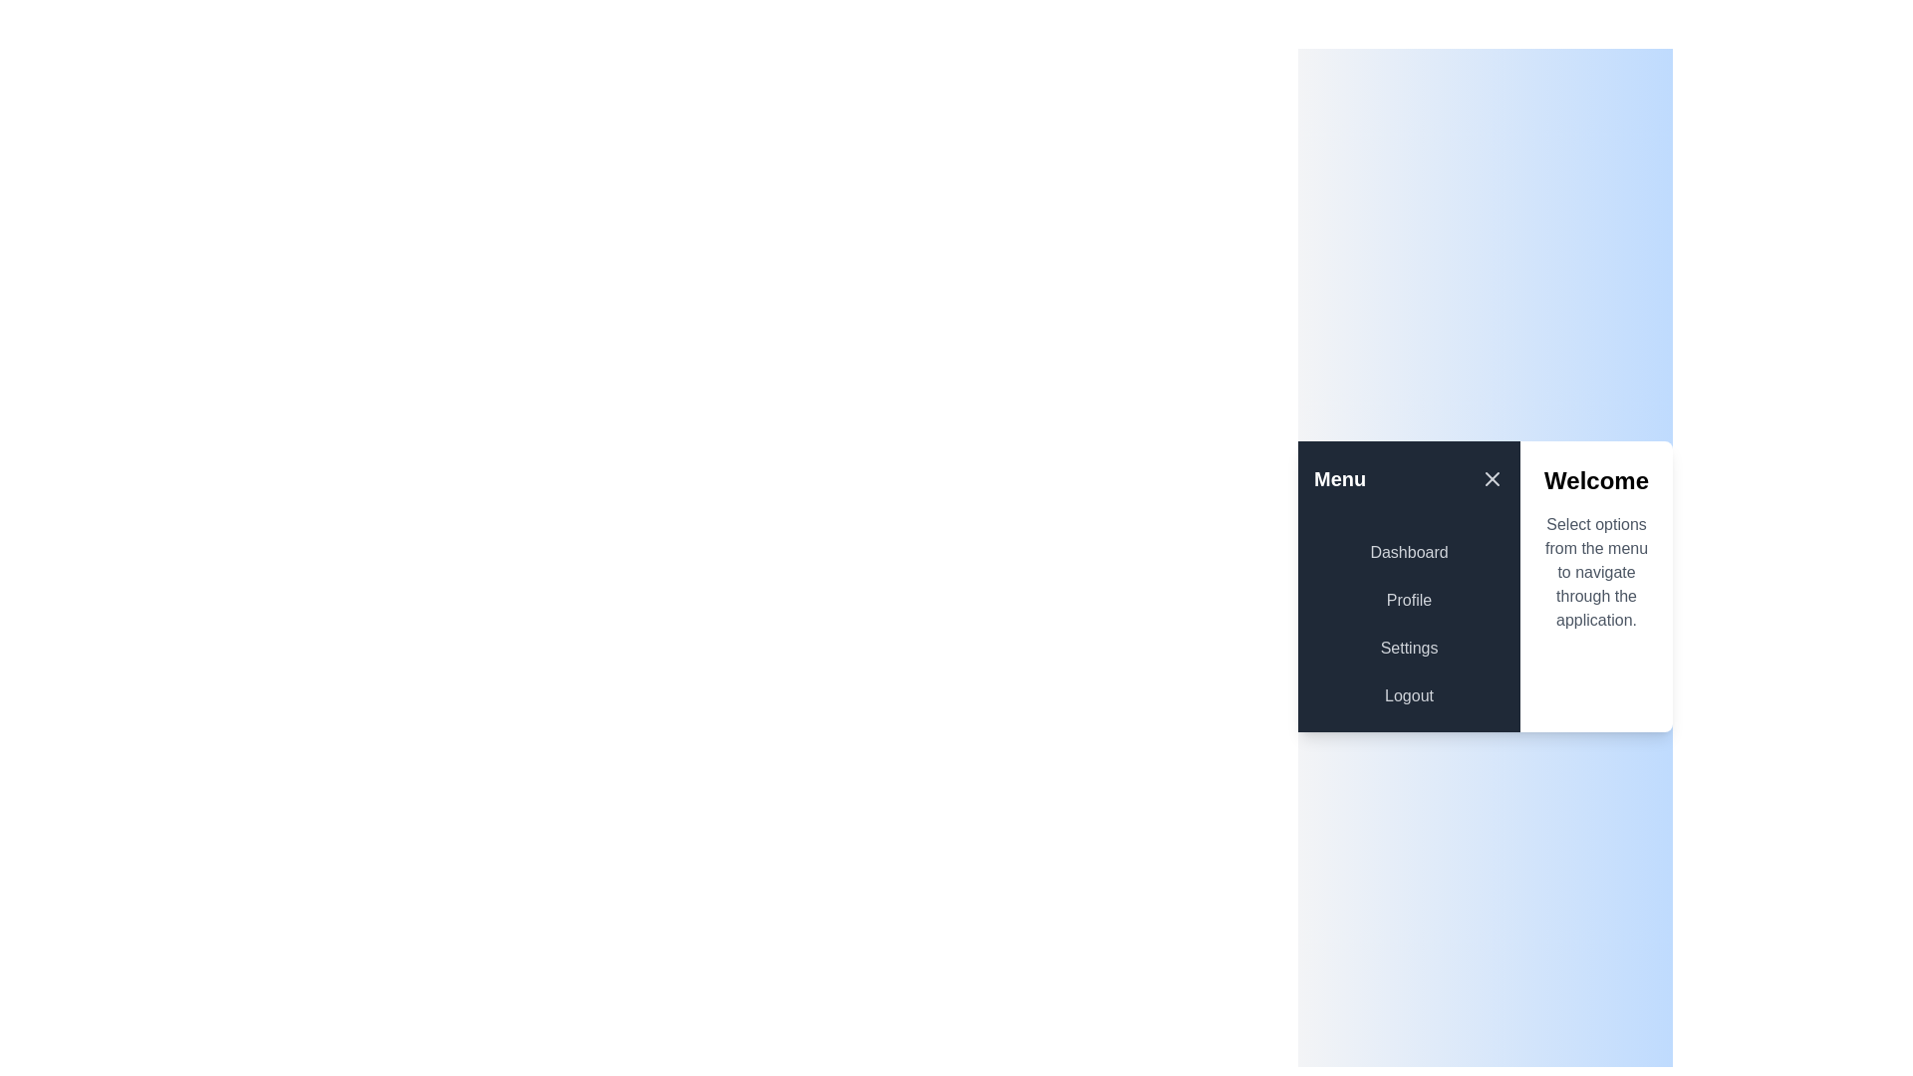 The height and width of the screenshot is (1076, 1913). Describe the element at coordinates (1408, 599) in the screenshot. I see `the menu option Profile` at that location.